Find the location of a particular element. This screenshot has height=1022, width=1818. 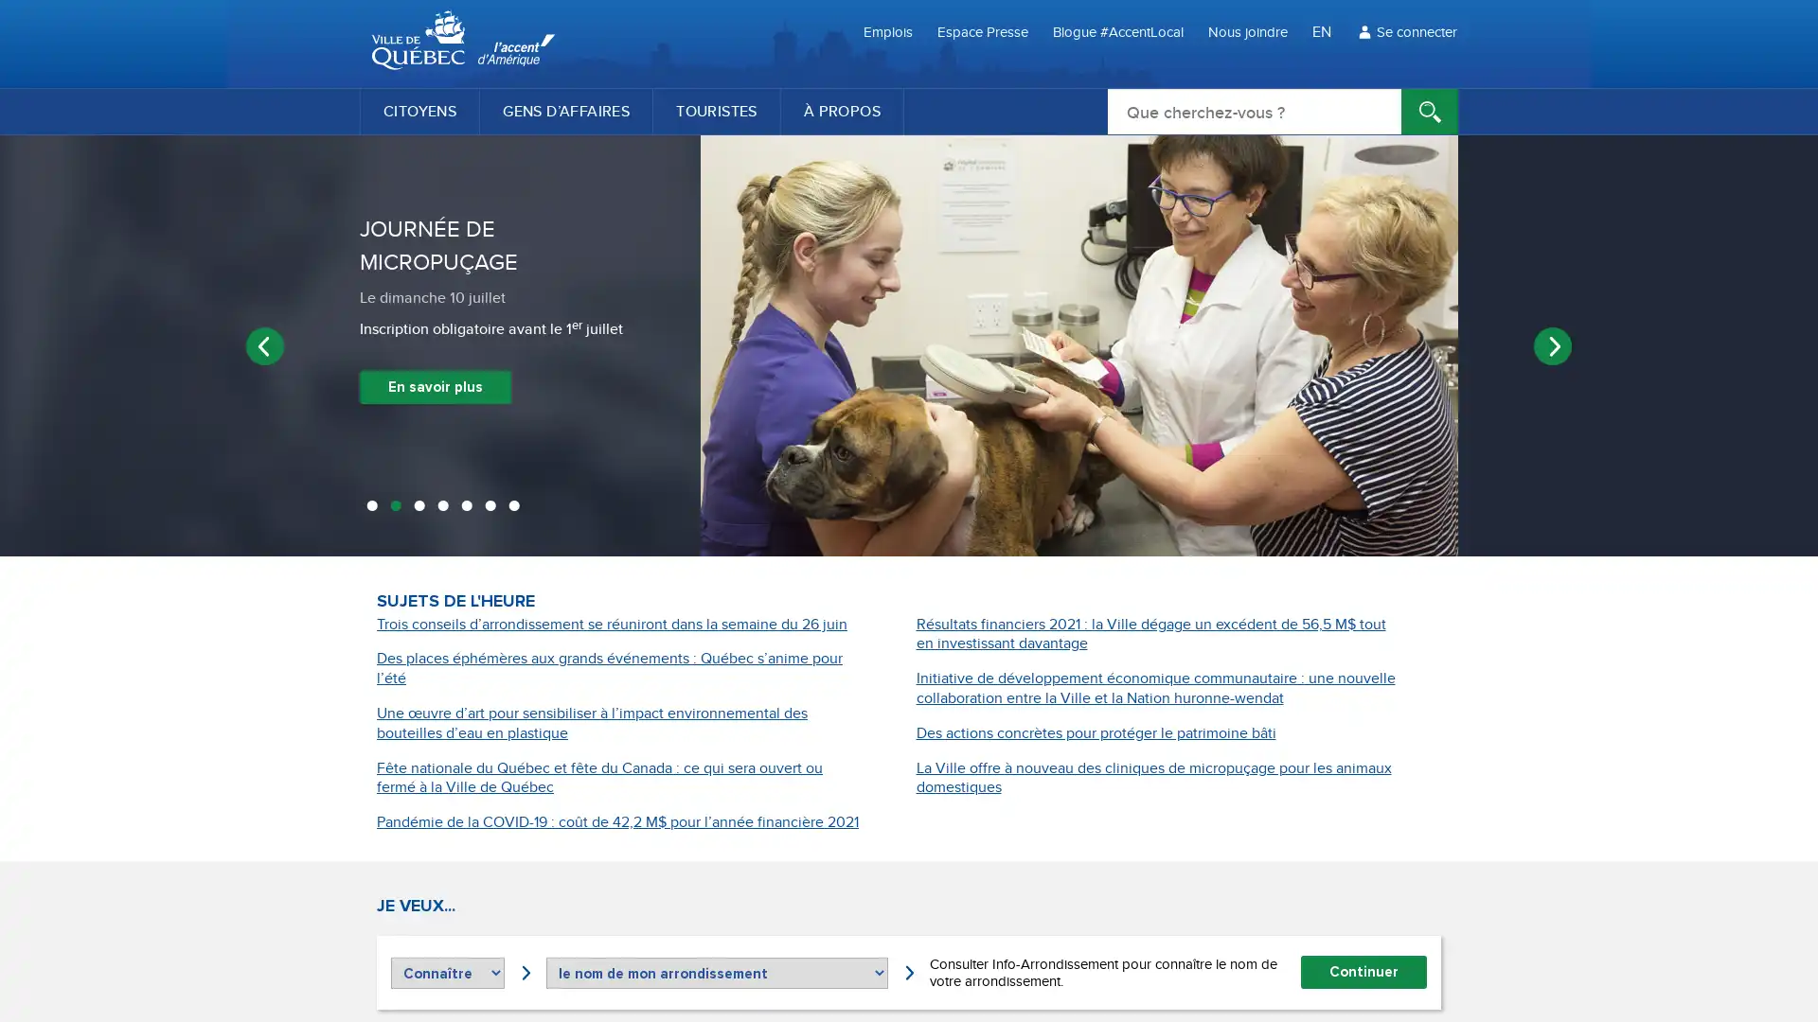

Rechercher is located at coordinates (1430, 112).